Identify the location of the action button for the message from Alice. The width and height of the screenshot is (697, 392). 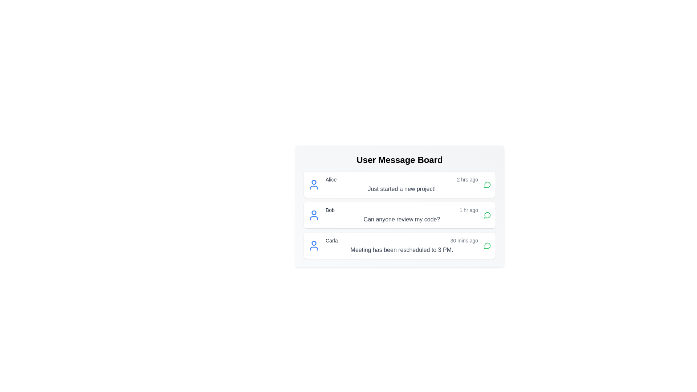
(488, 184).